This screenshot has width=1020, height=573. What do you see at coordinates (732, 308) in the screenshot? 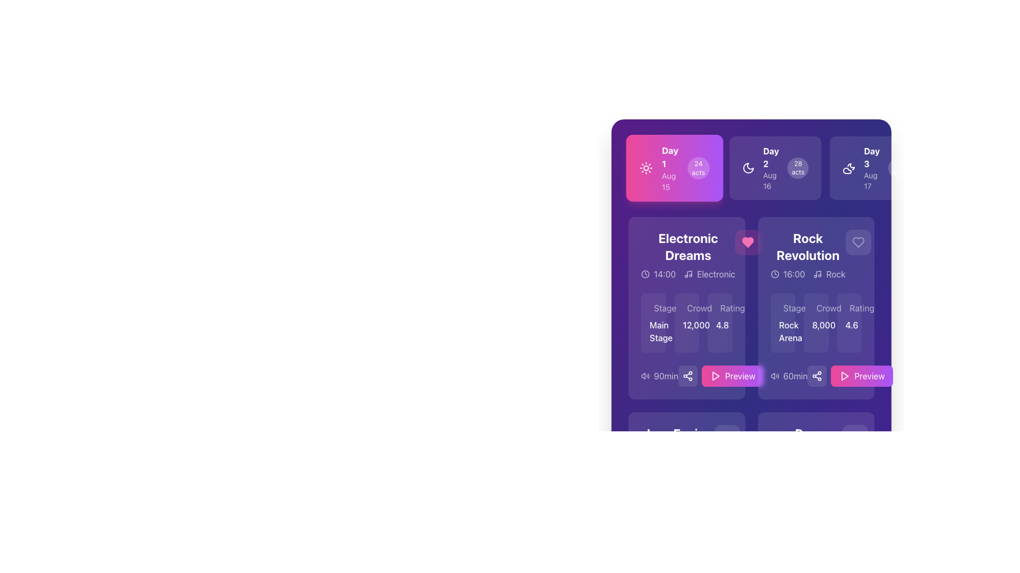
I see `the 'Rating' text label located at the top-right corner of the purple card-like structure, positioned directly below the section title and above a rating number` at bounding box center [732, 308].